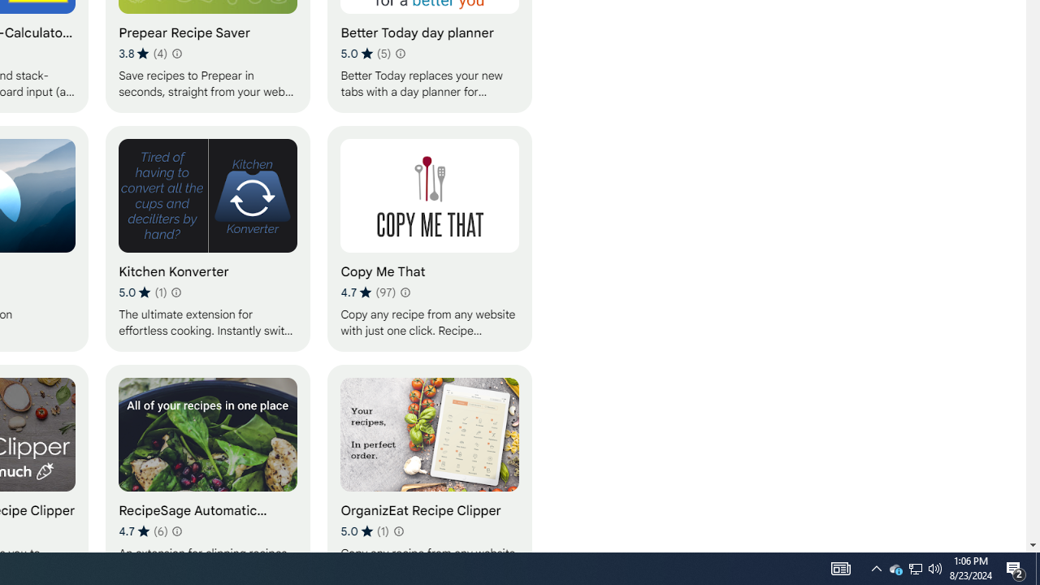  What do you see at coordinates (405, 292) in the screenshot?
I see `'Learn more about results and reviews "Copy Me That"'` at bounding box center [405, 292].